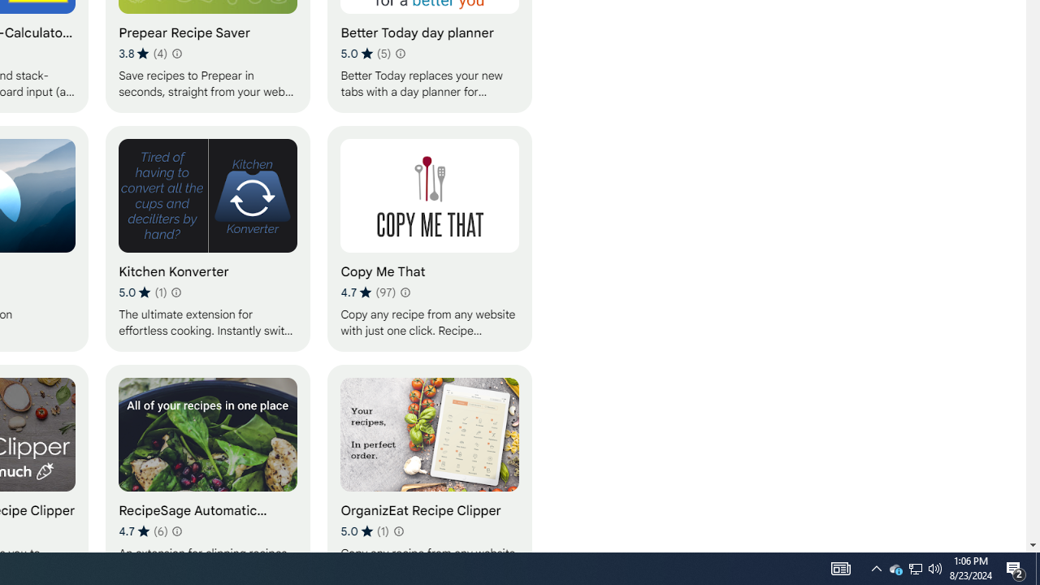  What do you see at coordinates (405, 292) in the screenshot?
I see `'Learn more about results and reviews "Copy Me That"'` at bounding box center [405, 292].